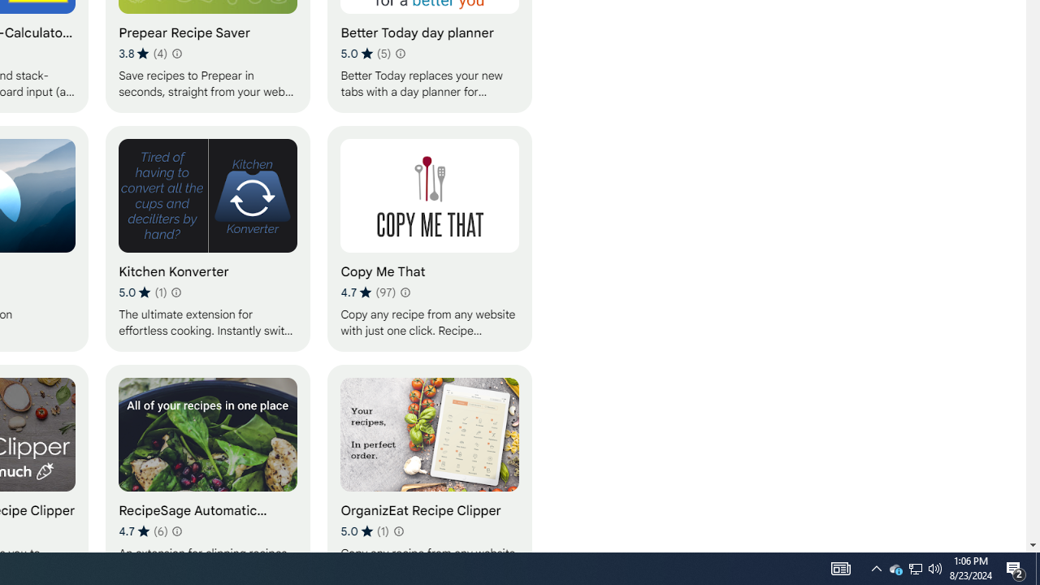  What do you see at coordinates (405, 292) in the screenshot?
I see `'Learn more about results and reviews "Copy Me That"'` at bounding box center [405, 292].